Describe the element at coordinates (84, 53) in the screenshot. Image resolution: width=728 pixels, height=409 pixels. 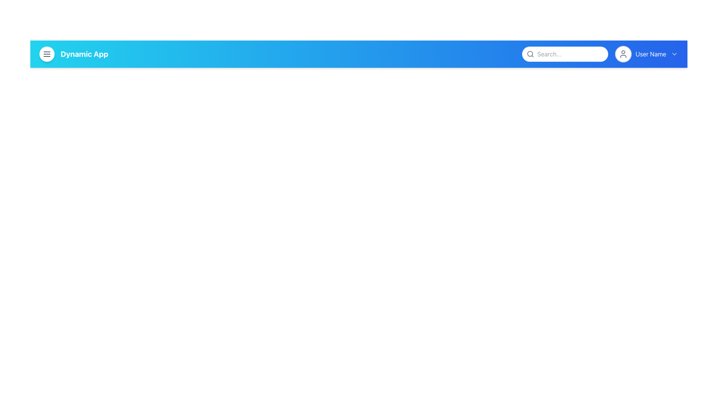
I see `the Text Label that serves as a title or identifier for the application, located in the navigation bar's left section, immediately to the right of an interactive icon button` at that location.